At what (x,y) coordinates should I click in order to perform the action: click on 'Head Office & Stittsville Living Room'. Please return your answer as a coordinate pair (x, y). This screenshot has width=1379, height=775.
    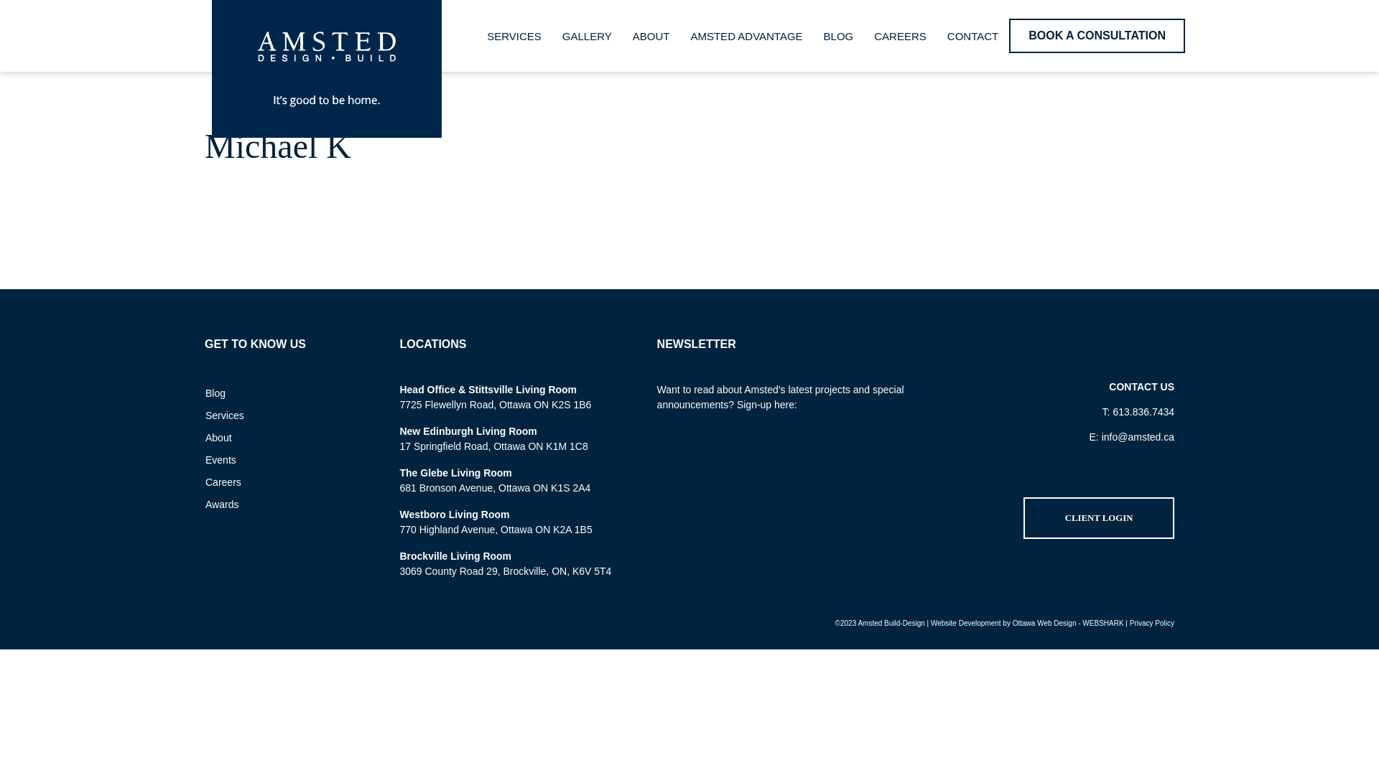
    Looking at the image, I should click on (488, 390).